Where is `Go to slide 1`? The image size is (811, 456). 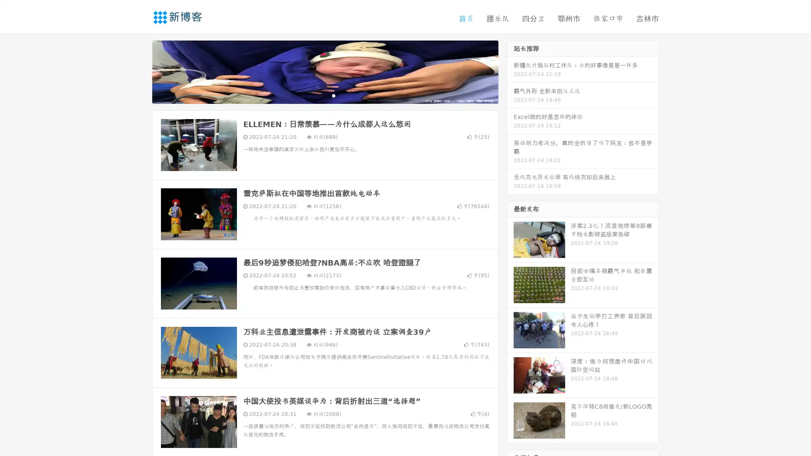
Go to slide 1 is located at coordinates (316, 95).